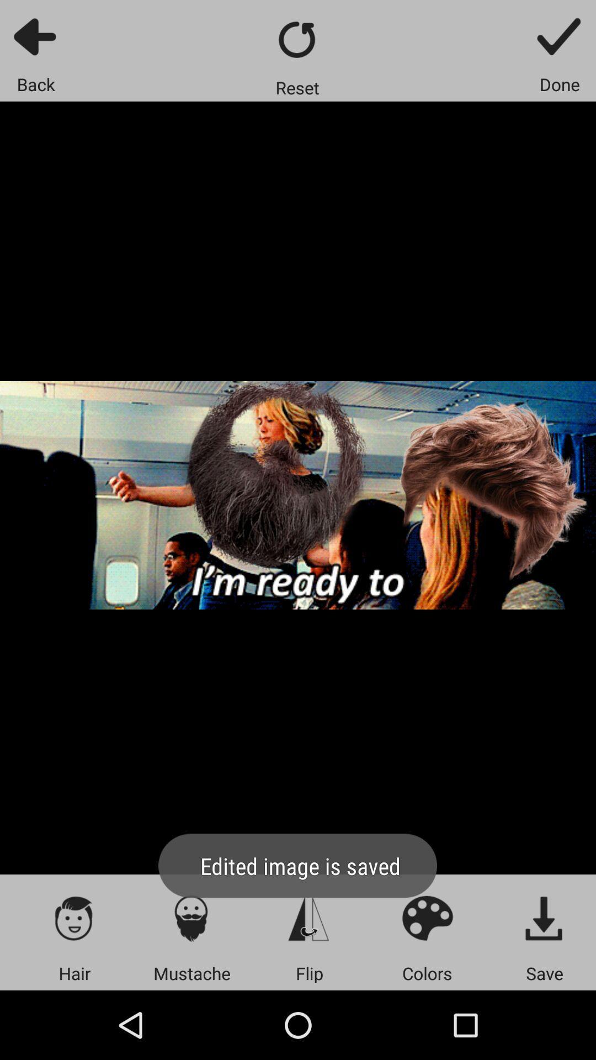 The image size is (596, 1060). Describe the element at coordinates (427, 918) in the screenshot. I see `the colors` at that location.